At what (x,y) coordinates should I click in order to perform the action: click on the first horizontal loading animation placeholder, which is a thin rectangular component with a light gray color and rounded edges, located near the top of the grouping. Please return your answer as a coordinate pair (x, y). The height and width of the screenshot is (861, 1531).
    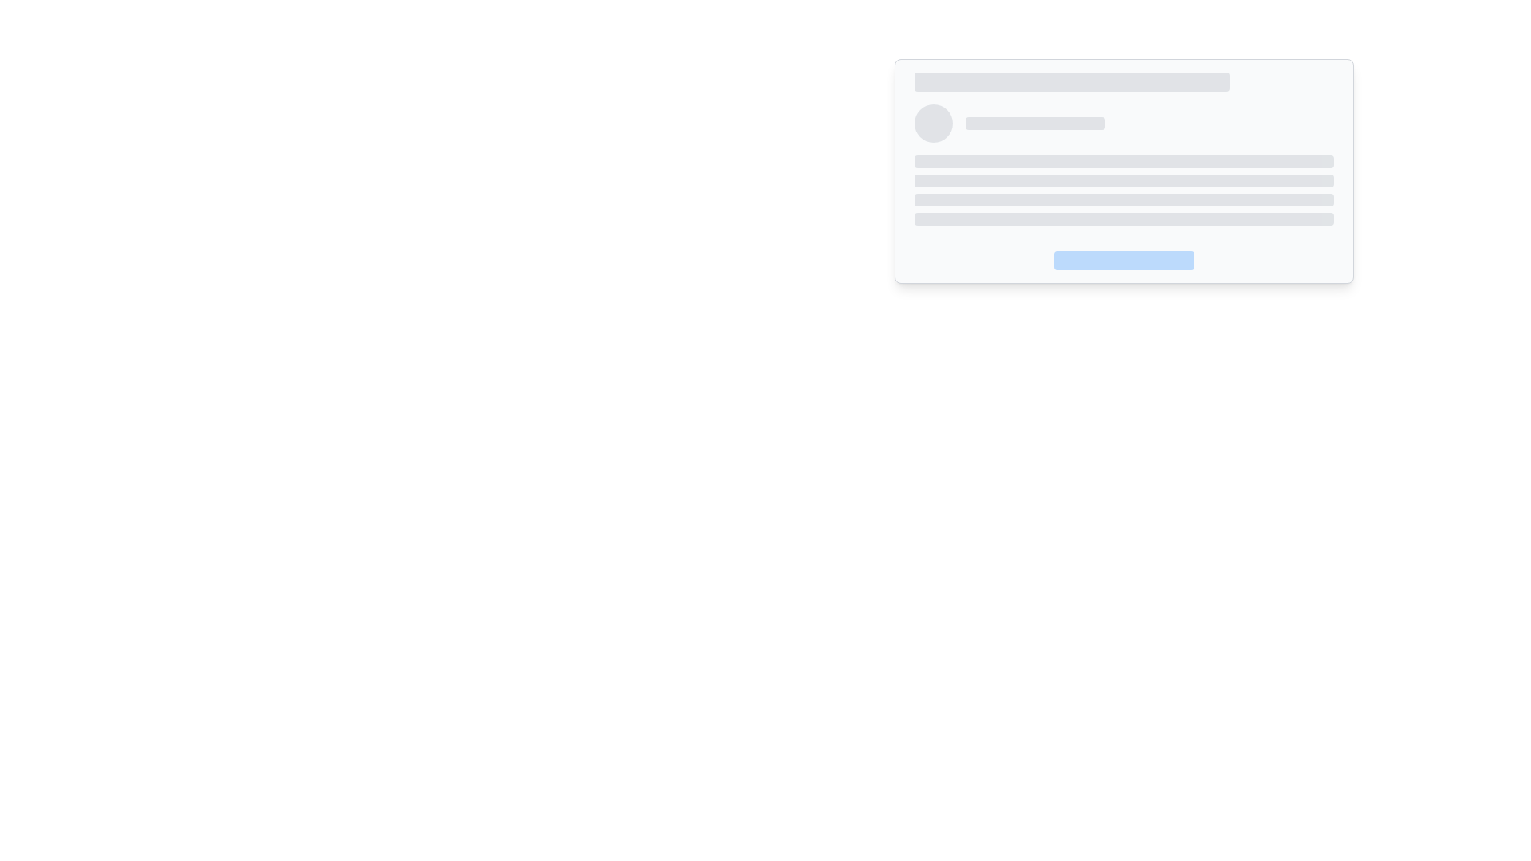
    Looking at the image, I should click on (1124, 162).